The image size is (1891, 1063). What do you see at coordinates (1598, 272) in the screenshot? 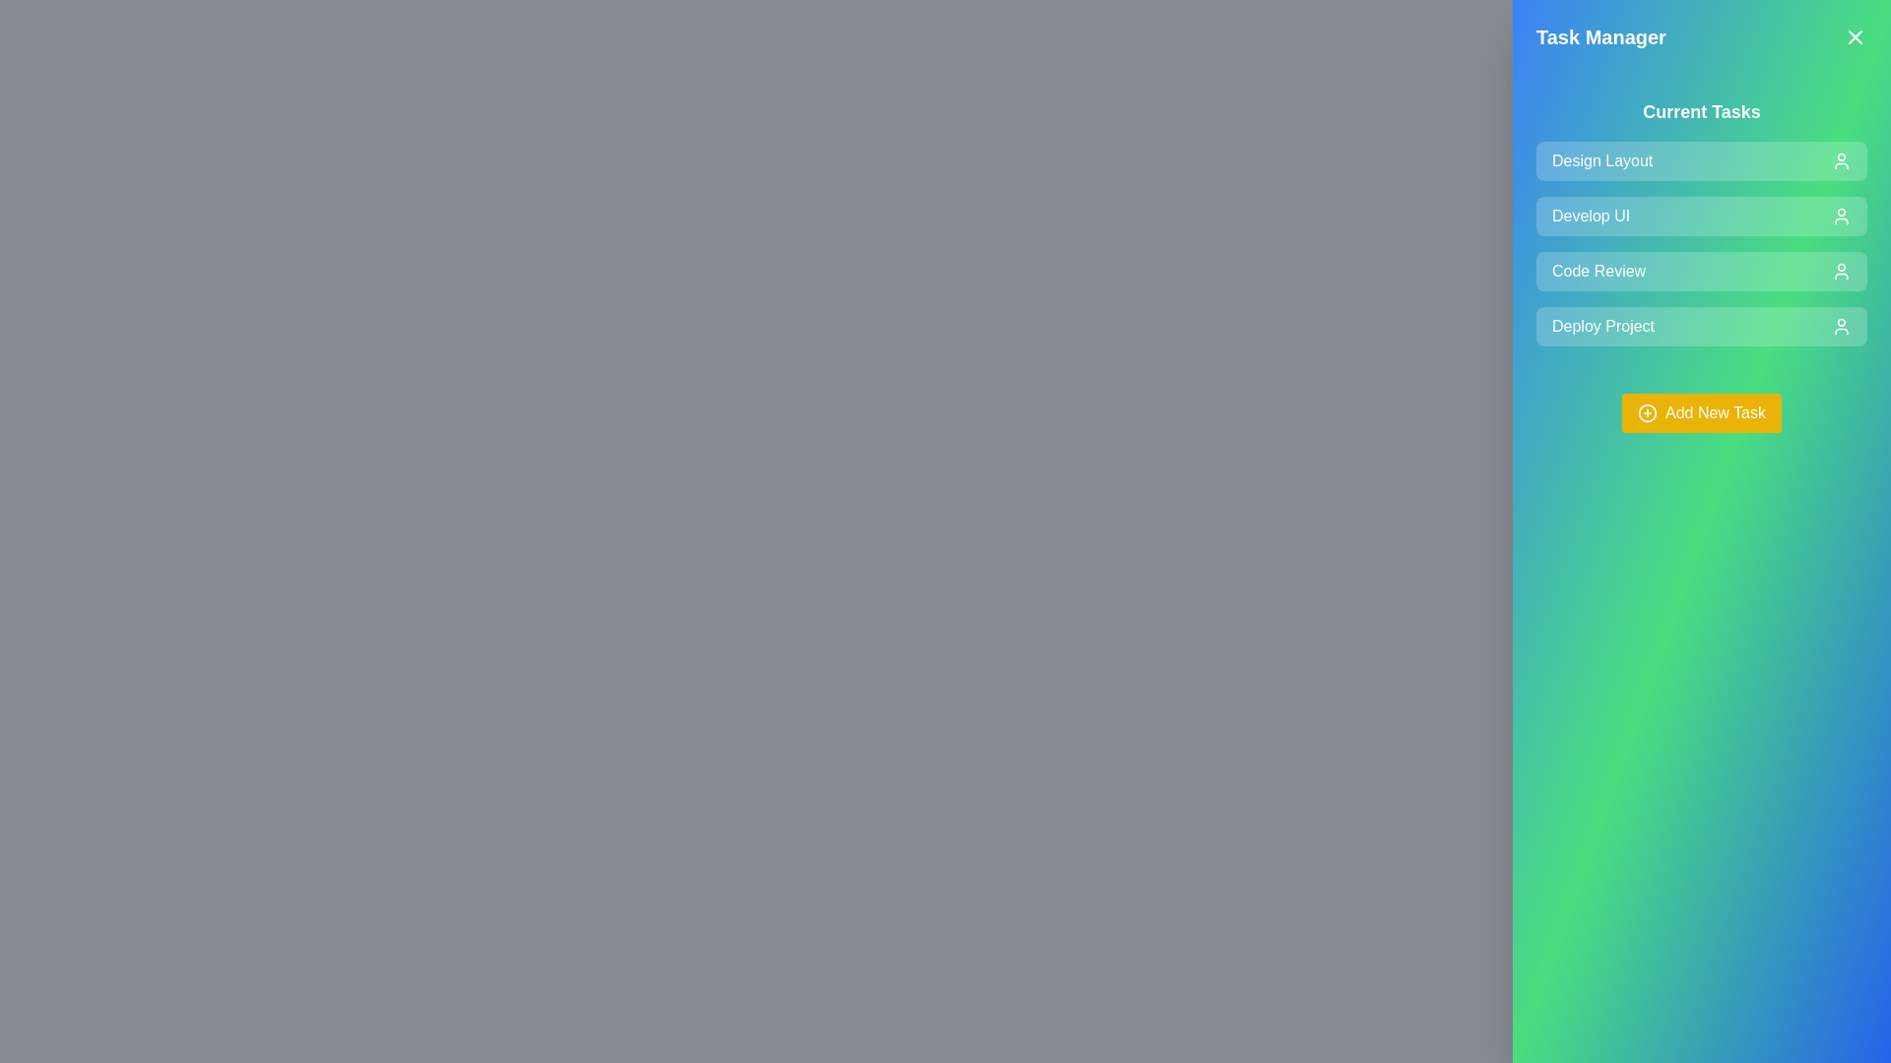
I see `the 'Code Review' text label in the Current Tasks list` at bounding box center [1598, 272].